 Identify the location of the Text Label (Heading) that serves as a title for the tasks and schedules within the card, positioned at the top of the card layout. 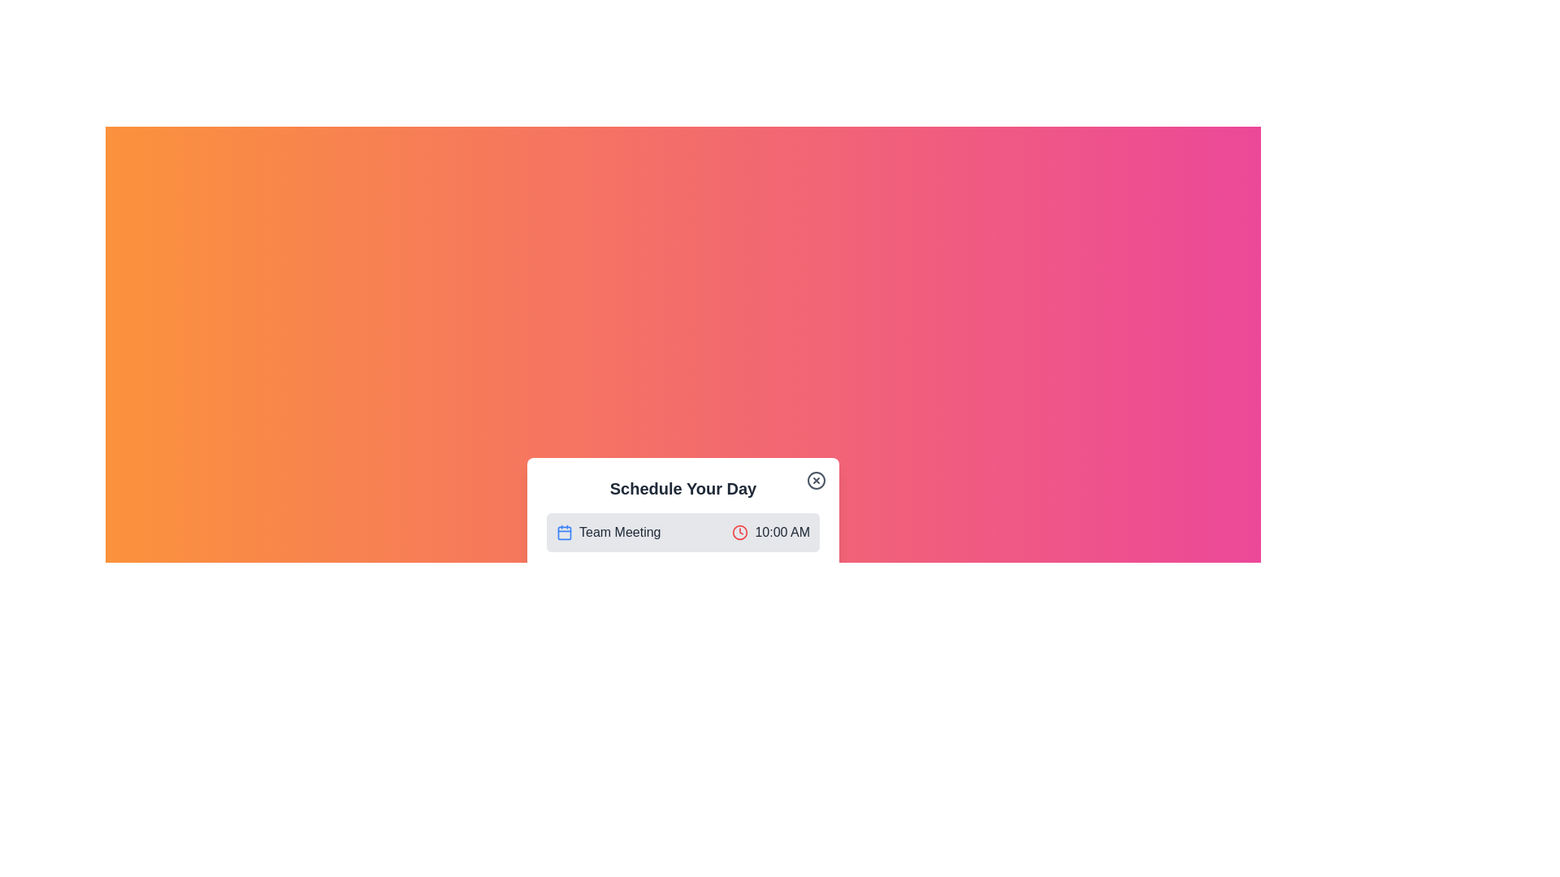
(682, 487).